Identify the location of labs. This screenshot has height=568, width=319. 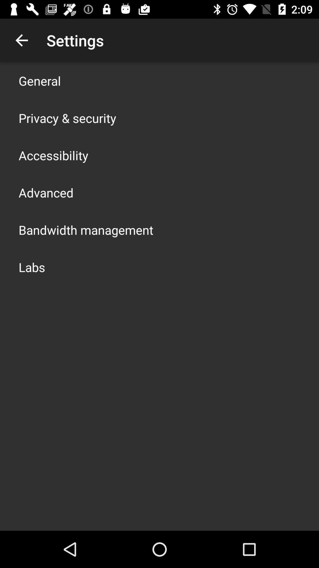
(32, 267).